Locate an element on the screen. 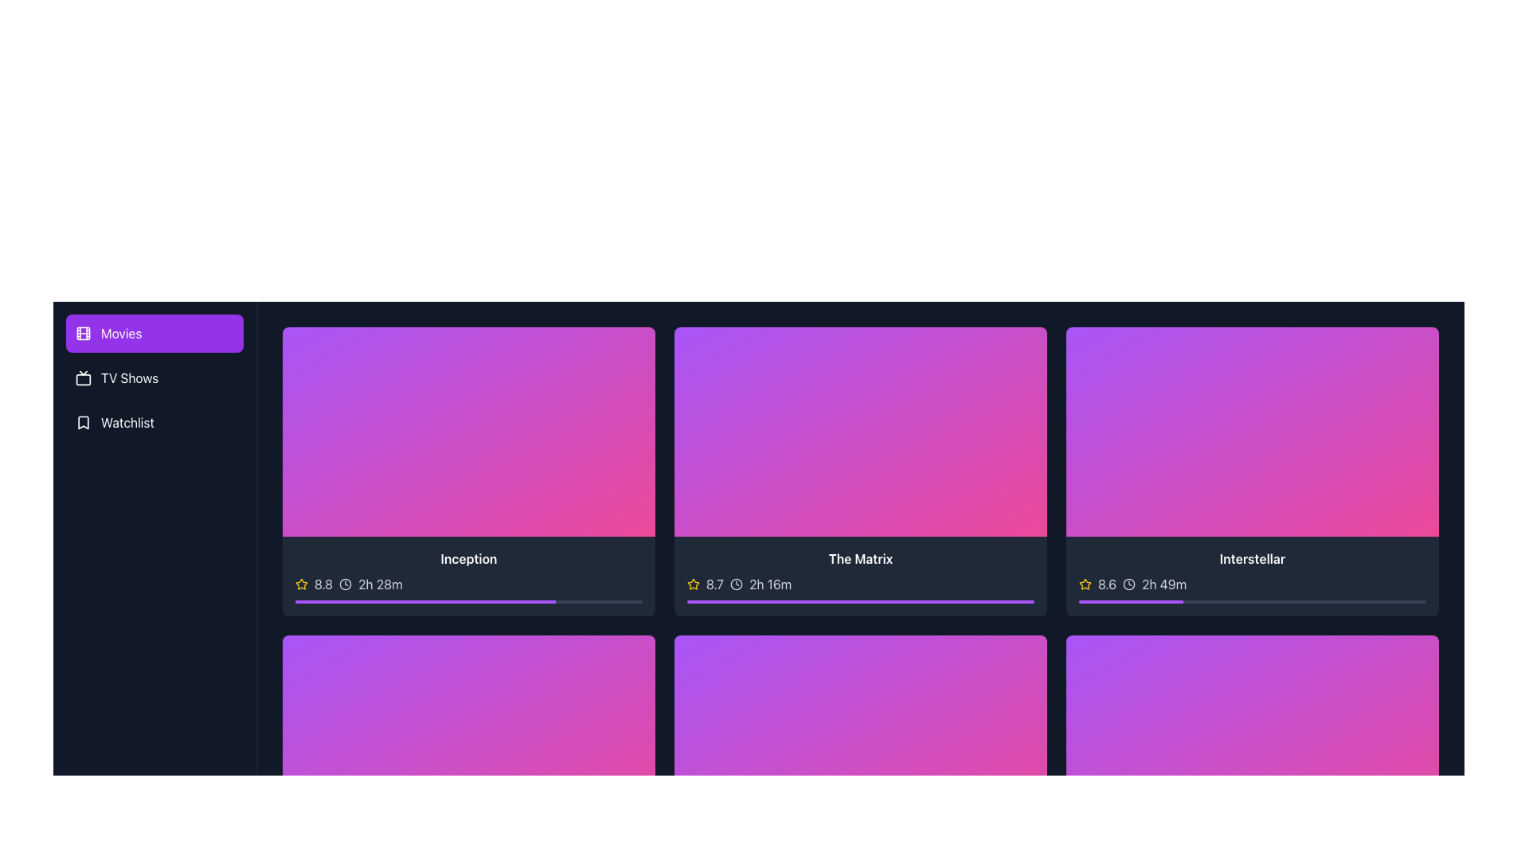 Image resolution: width=1529 pixels, height=860 pixels. the Play Button (SVG Component) located in the center of the 'Inception' movie card in the first row, first column is located at coordinates (468, 432).